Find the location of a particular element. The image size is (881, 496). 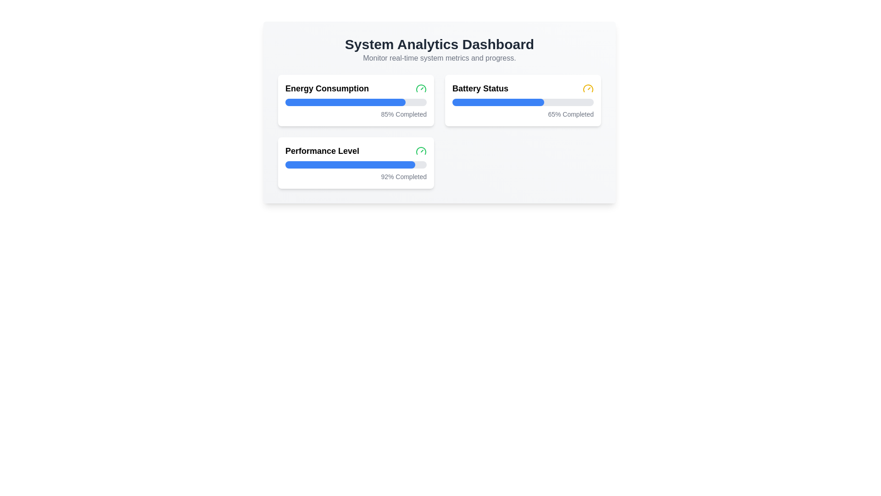

prominent heading element with the text 'System Analytics Dashboard' located at the top-center of the interface is located at coordinates (439, 44).